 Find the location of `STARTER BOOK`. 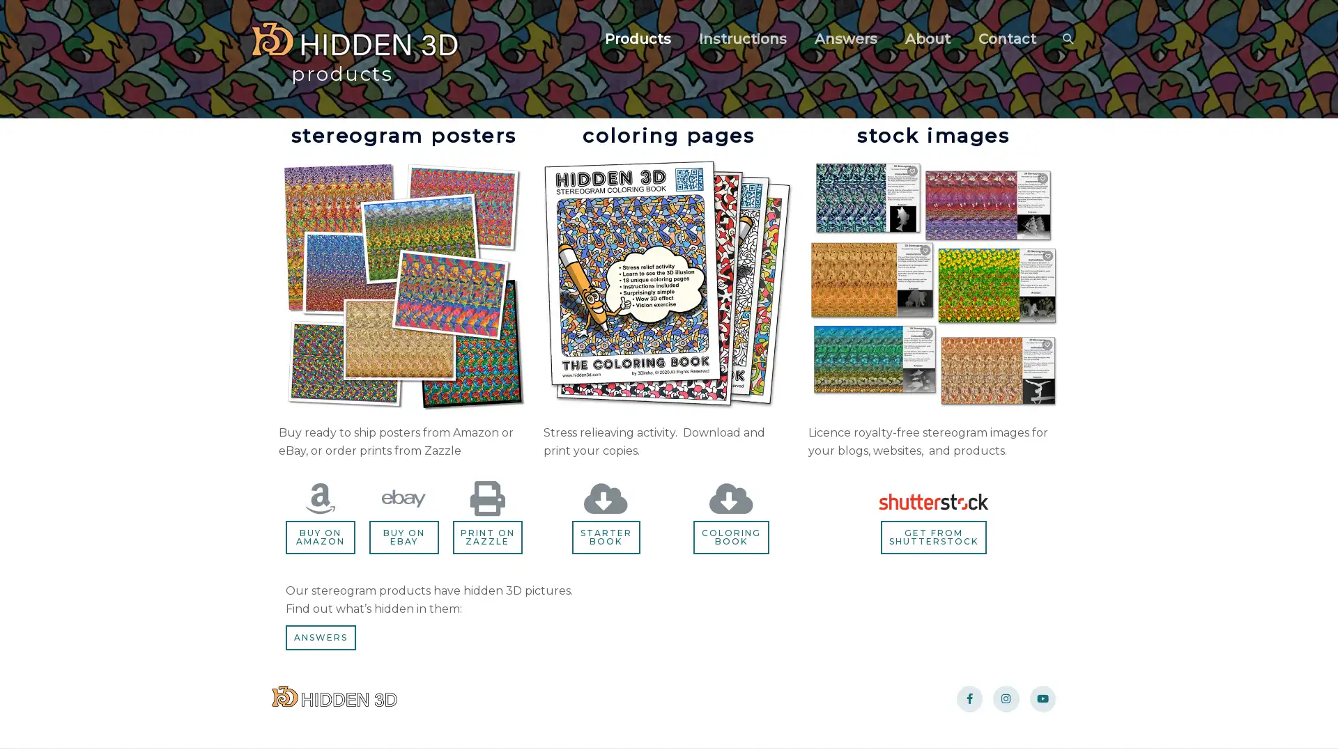

STARTER BOOK is located at coordinates (605, 536).